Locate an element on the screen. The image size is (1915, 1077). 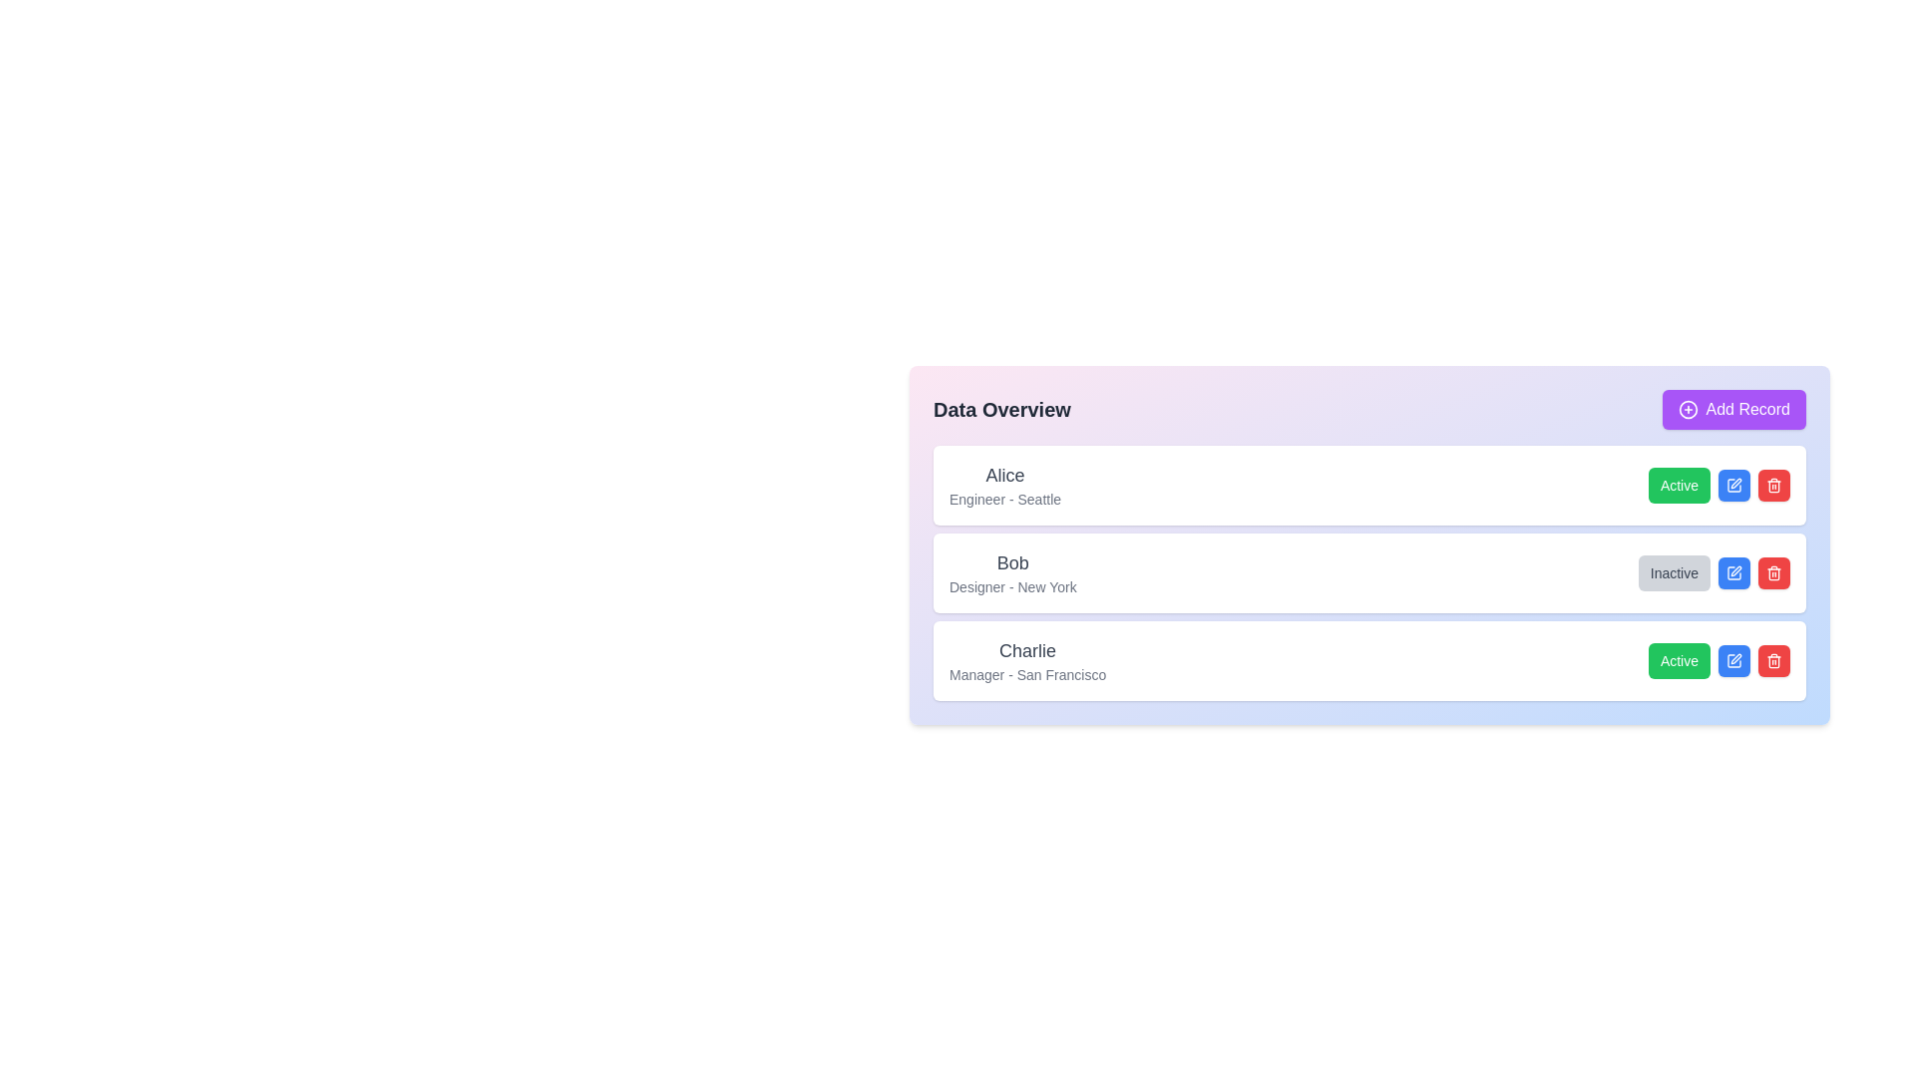
the middle segment of the trash can icon, which represents the delete action for the 'Bob' user entry is located at coordinates (1774, 573).